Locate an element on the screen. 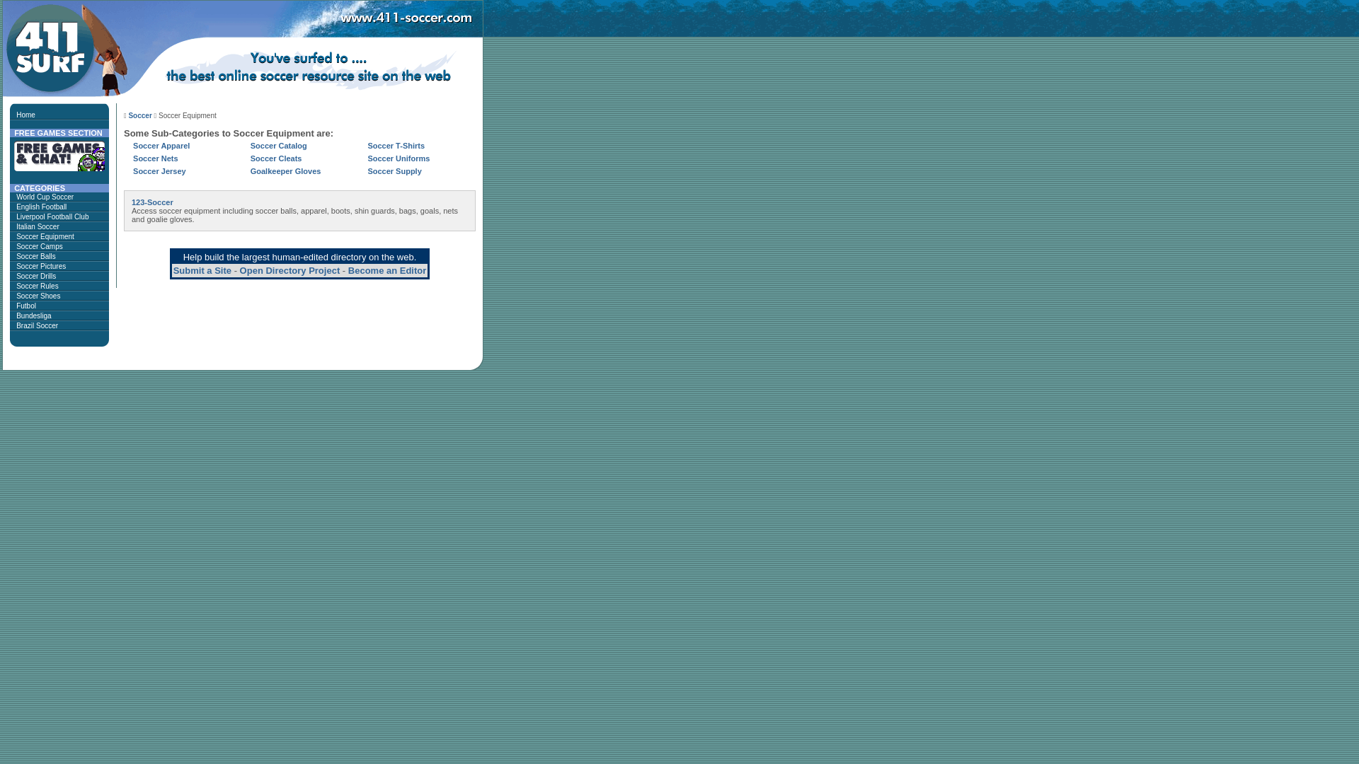 The height and width of the screenshot is (764, 1359). 'Soccer Uniforms' is located at coordinates (367, 158).